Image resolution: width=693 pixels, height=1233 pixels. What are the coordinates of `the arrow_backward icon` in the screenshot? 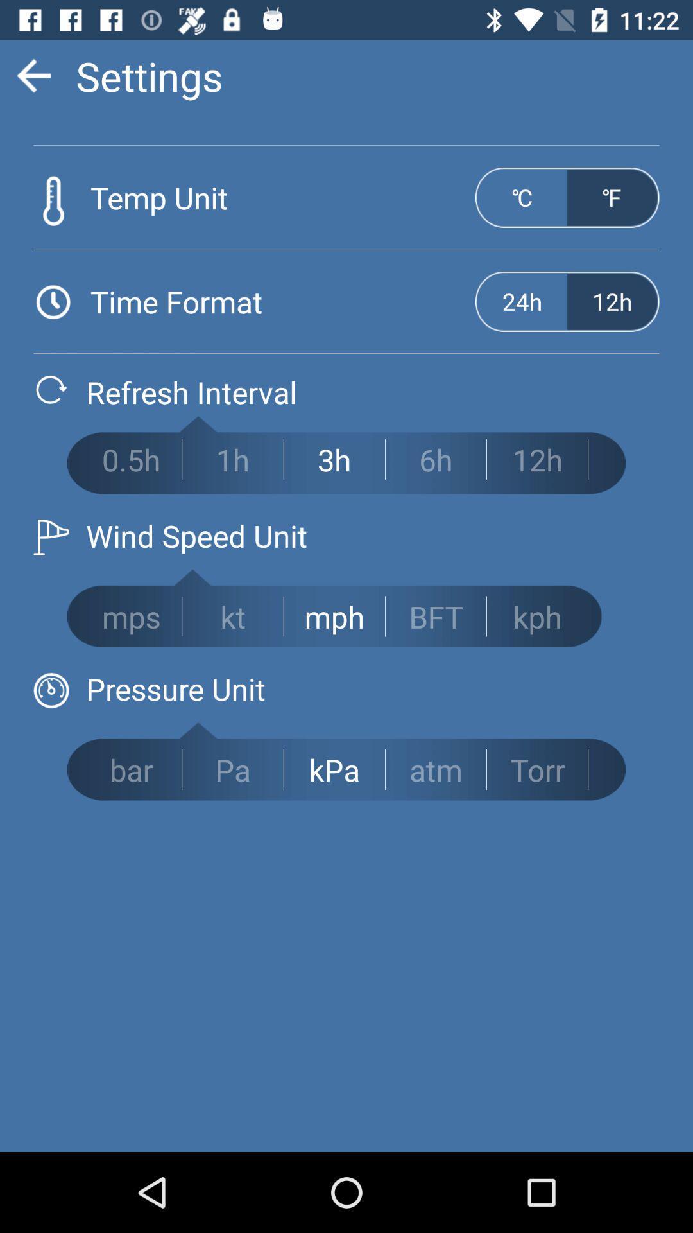 It's located at (33, 75).